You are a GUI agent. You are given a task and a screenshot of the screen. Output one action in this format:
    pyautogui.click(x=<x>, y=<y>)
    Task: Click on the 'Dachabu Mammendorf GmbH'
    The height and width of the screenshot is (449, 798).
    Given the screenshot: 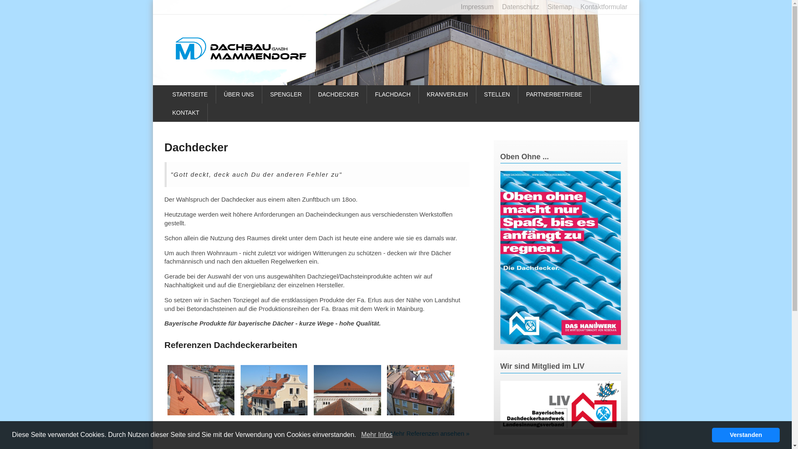 What is the action you would take?
    pyautogui.click(x=241, y=48)
    